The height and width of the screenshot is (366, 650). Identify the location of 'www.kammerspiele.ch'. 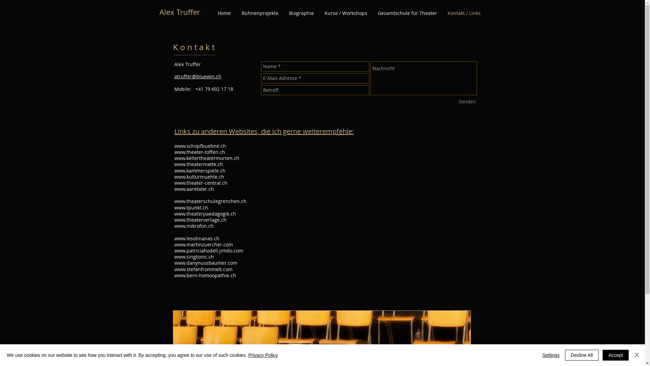
(199, 170).